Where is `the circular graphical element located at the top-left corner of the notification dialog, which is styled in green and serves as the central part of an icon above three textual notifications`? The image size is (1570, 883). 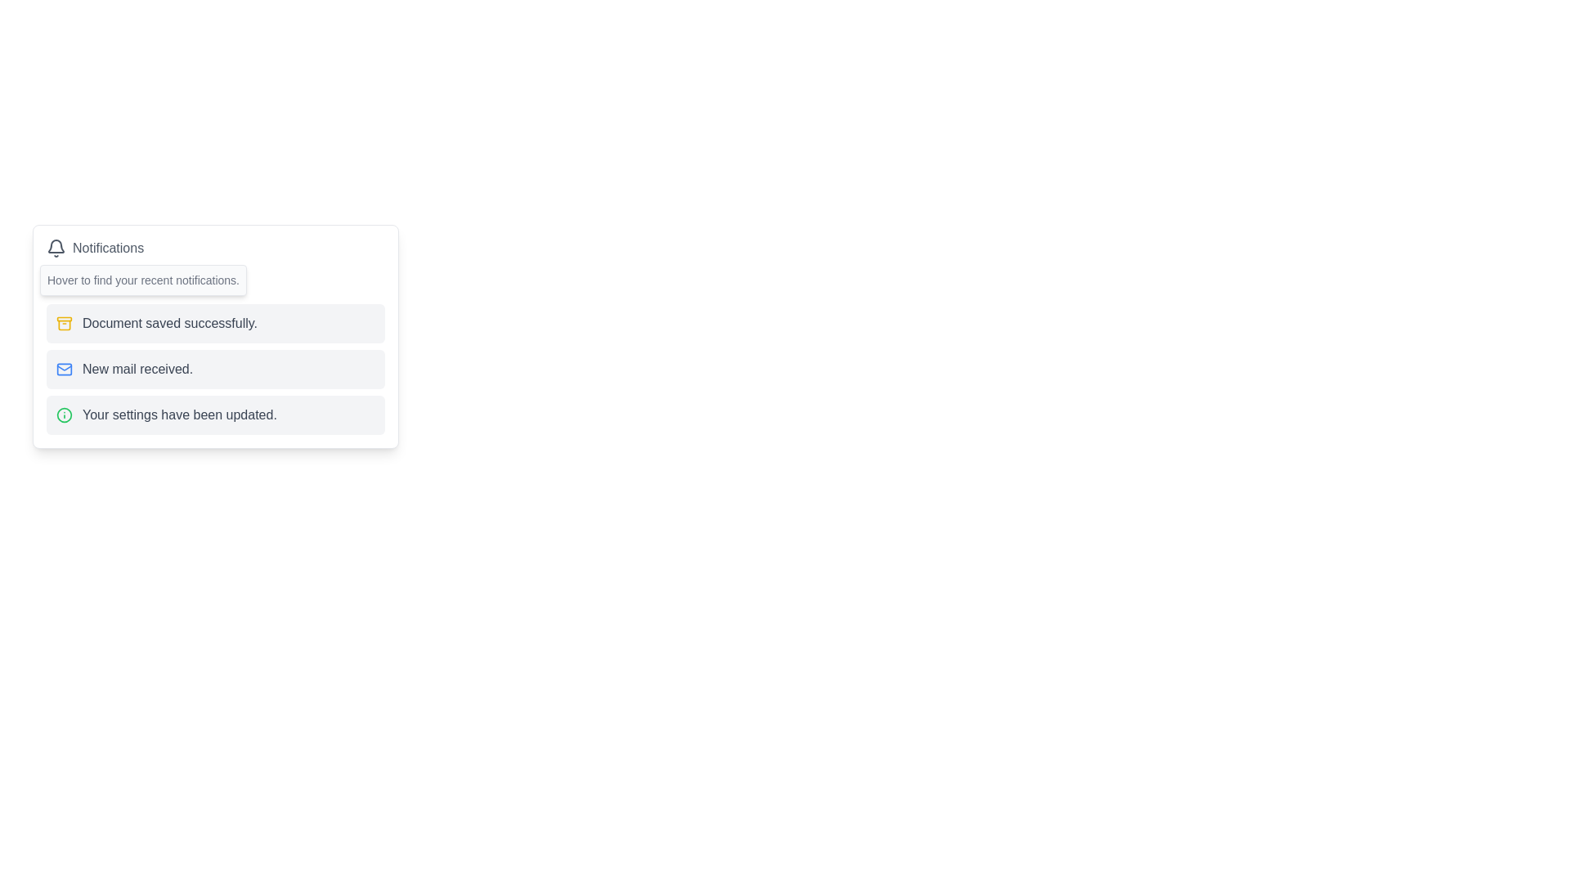 the circular graphical element located at the top-left corner of the notification dialog, which is styled in green and serves as the central part of an icon above three textual notifications is located at coordinates (64, 413).